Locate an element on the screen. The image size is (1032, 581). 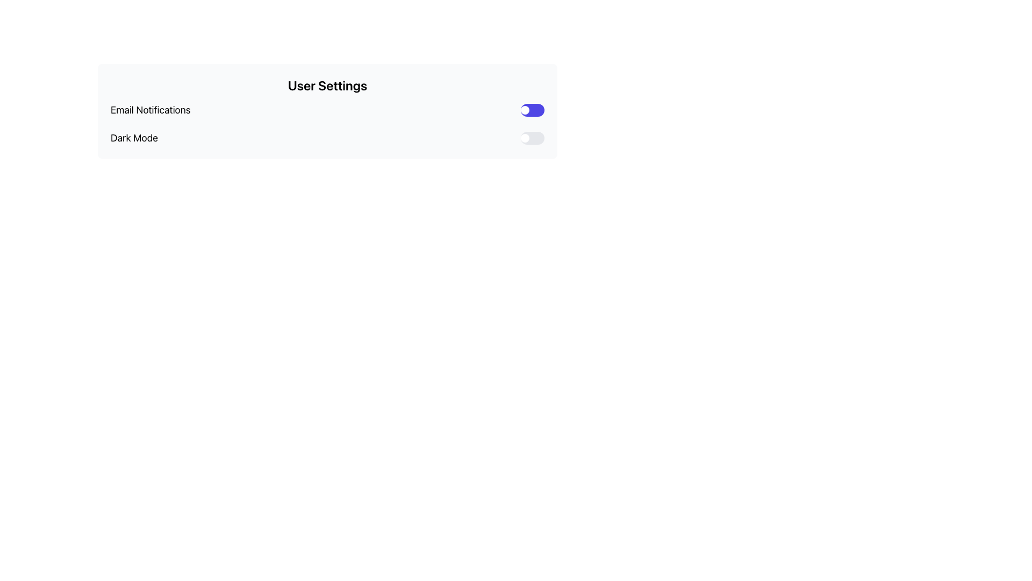
the blue oval toggle switch labeled 'Enable Notifications' is located at coordinates (532, 110).